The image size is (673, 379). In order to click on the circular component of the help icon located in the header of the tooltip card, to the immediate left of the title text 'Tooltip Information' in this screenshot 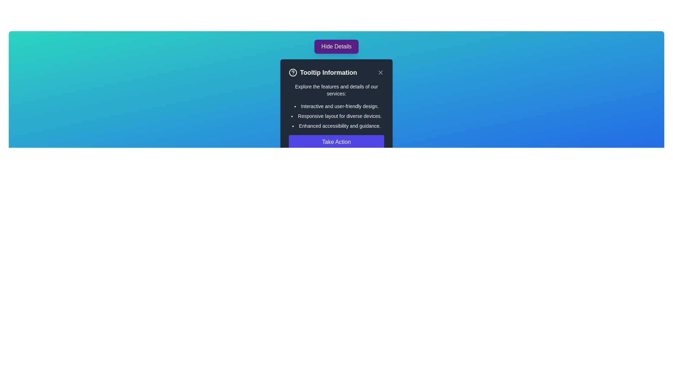, I will do `click(293, 73)`.